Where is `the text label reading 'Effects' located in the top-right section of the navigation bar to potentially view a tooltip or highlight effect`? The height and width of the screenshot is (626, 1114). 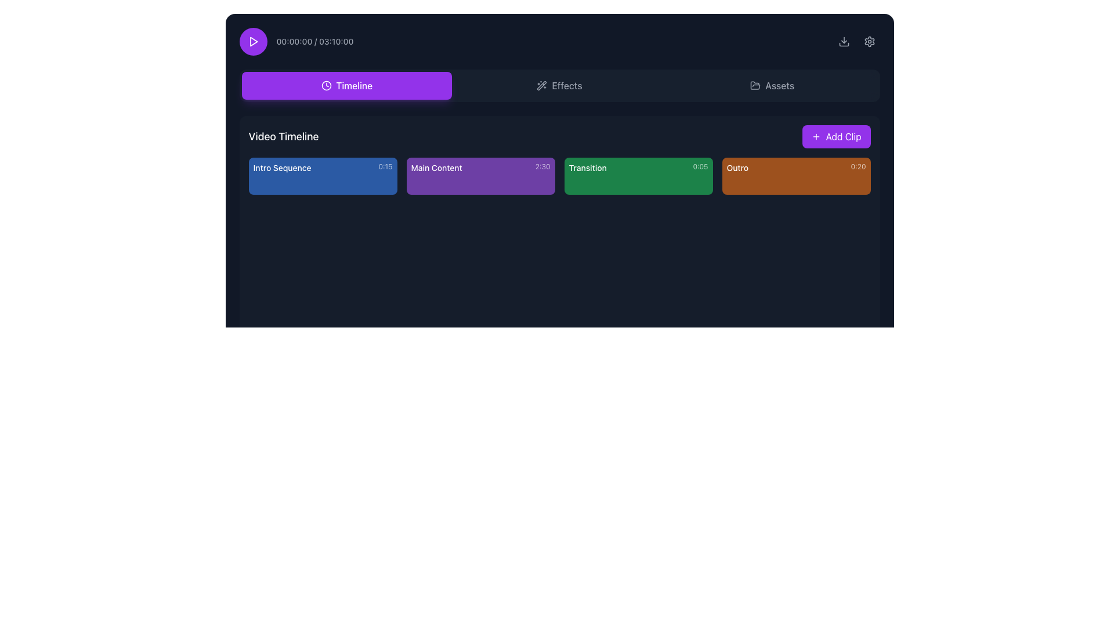
the text label reading 'Effects' located in the top-right section of the navigation bar to potentially view a tooltip or highlight effect is located at coordinates (567, 85).